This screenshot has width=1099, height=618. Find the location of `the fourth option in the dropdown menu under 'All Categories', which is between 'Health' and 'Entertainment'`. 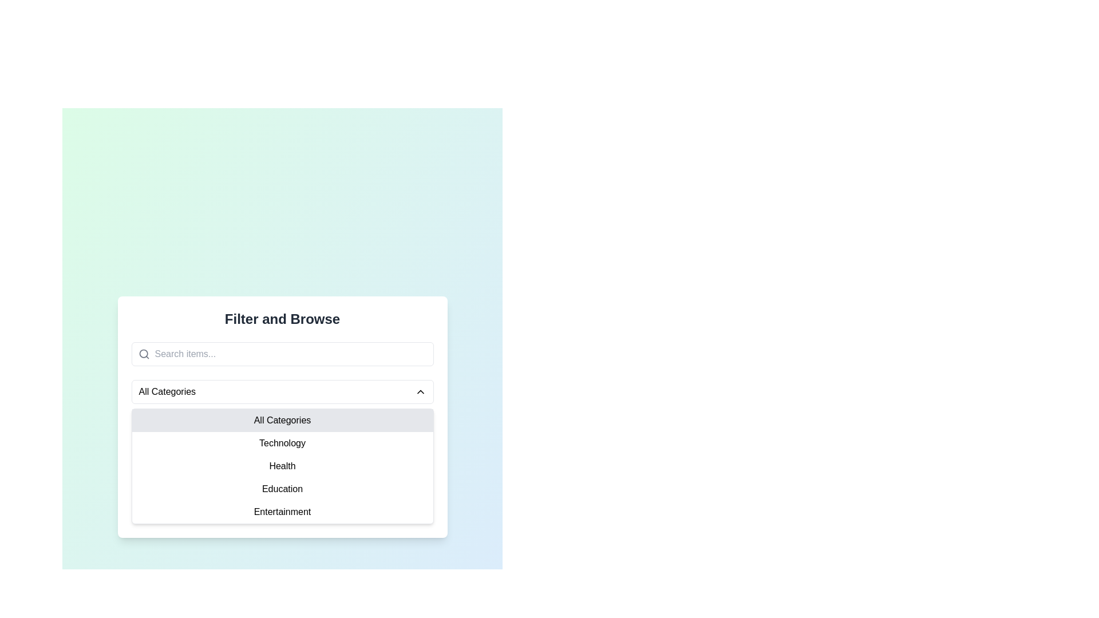

the fourth option in the dropdown menu under 'All Categories', which is between 'Health' and 'Entertainment' is located at coordinates (282, 489).